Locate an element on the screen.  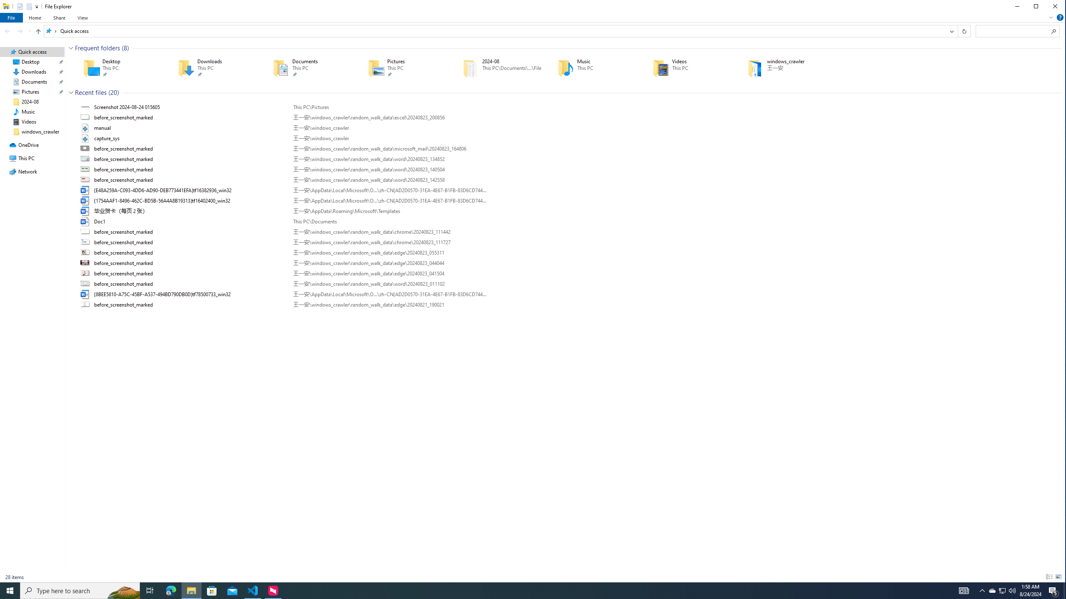
'windows_crawler' is located at coordinates (783, 68).